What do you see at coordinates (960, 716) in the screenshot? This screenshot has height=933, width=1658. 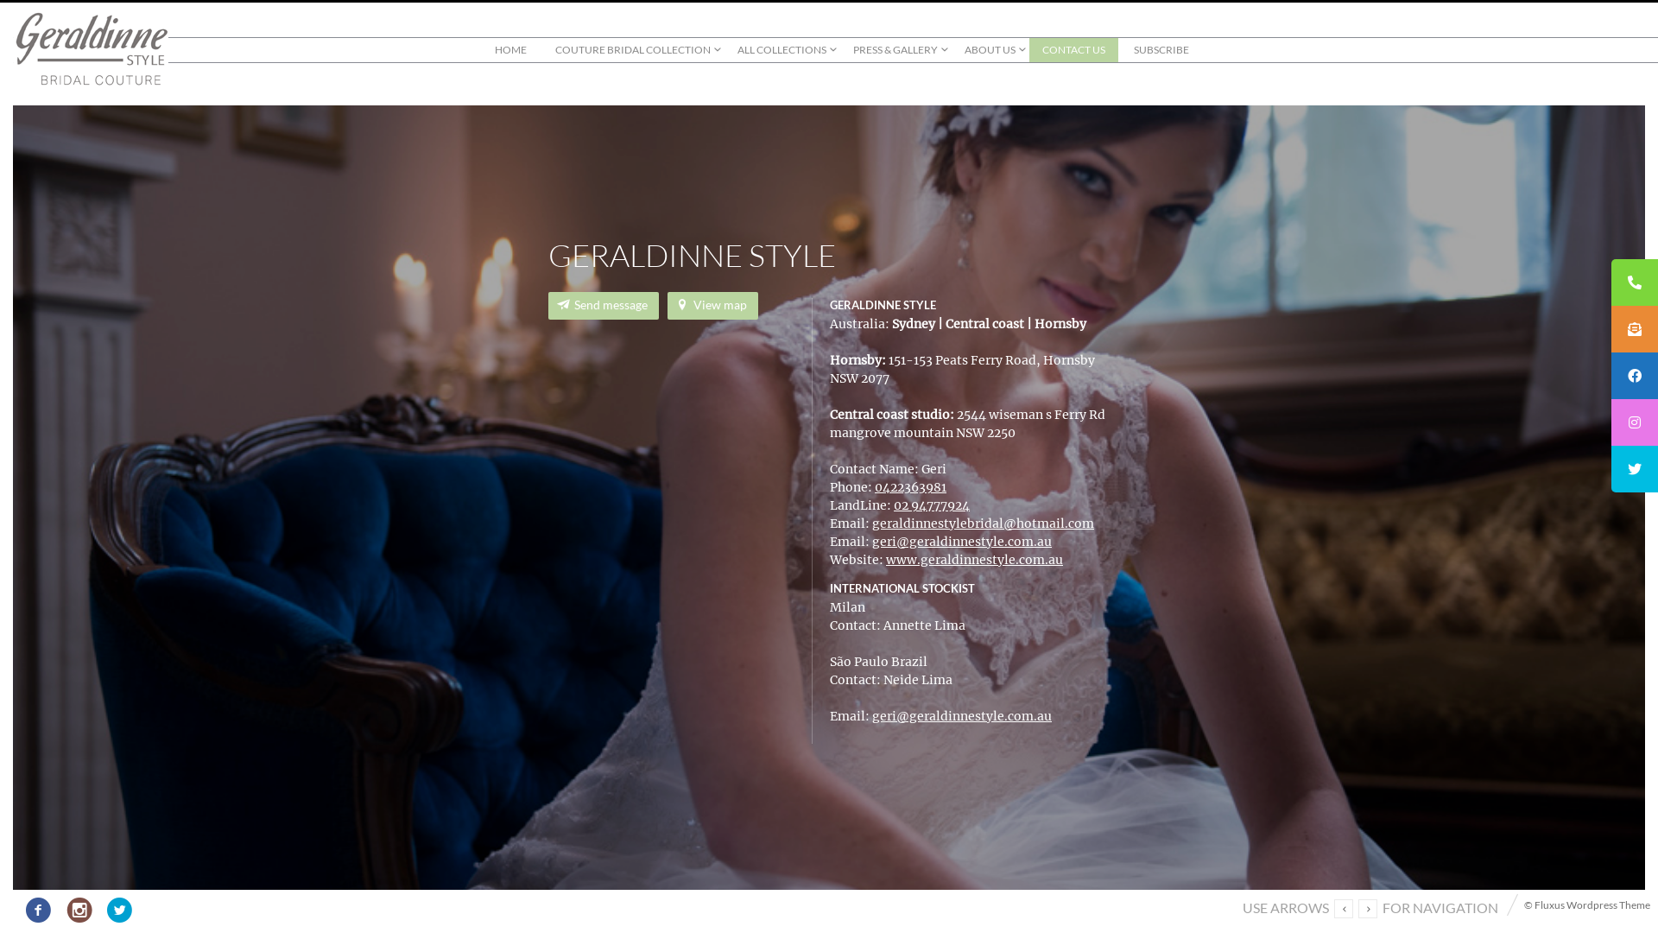 I see `'geri@geraldinnestyle.com.au'` at bounding box center [960, 716].